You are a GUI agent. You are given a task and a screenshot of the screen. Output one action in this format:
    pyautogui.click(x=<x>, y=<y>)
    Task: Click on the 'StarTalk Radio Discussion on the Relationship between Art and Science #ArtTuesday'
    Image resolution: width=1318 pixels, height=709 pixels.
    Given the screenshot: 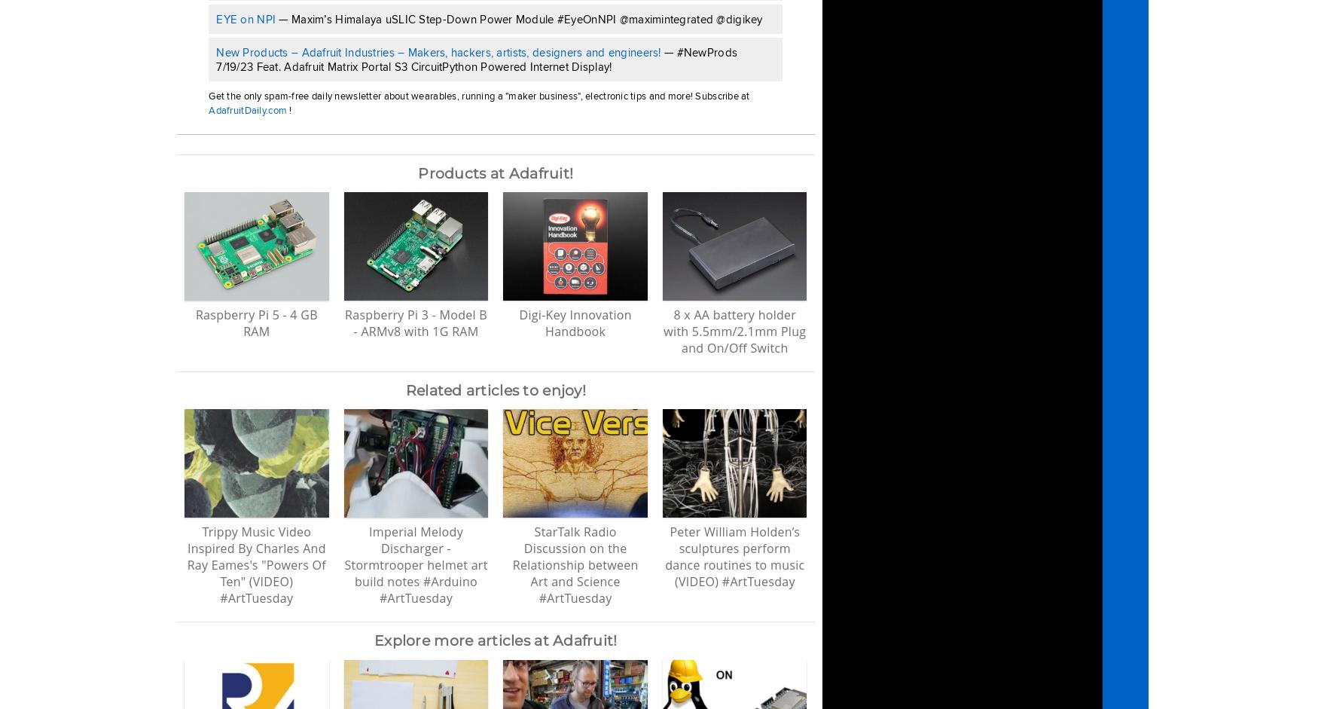 What is the action you would take?
    pyautogui.click(x=574, y=564)
    